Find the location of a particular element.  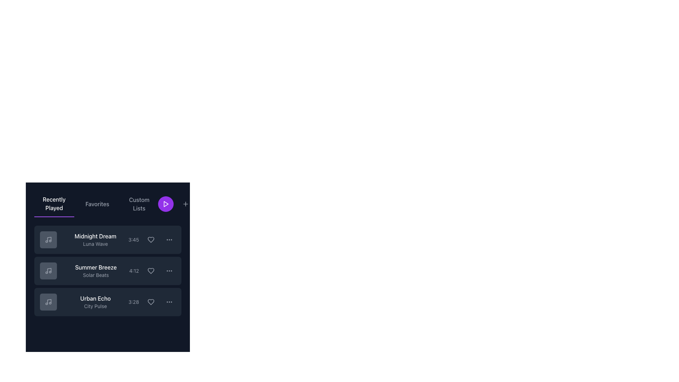

the button located at the top-right corner of the interface, which is the second circular button in a horizontal row and positioned to the right of a purple circular play button is located at coordinates (185, 204).